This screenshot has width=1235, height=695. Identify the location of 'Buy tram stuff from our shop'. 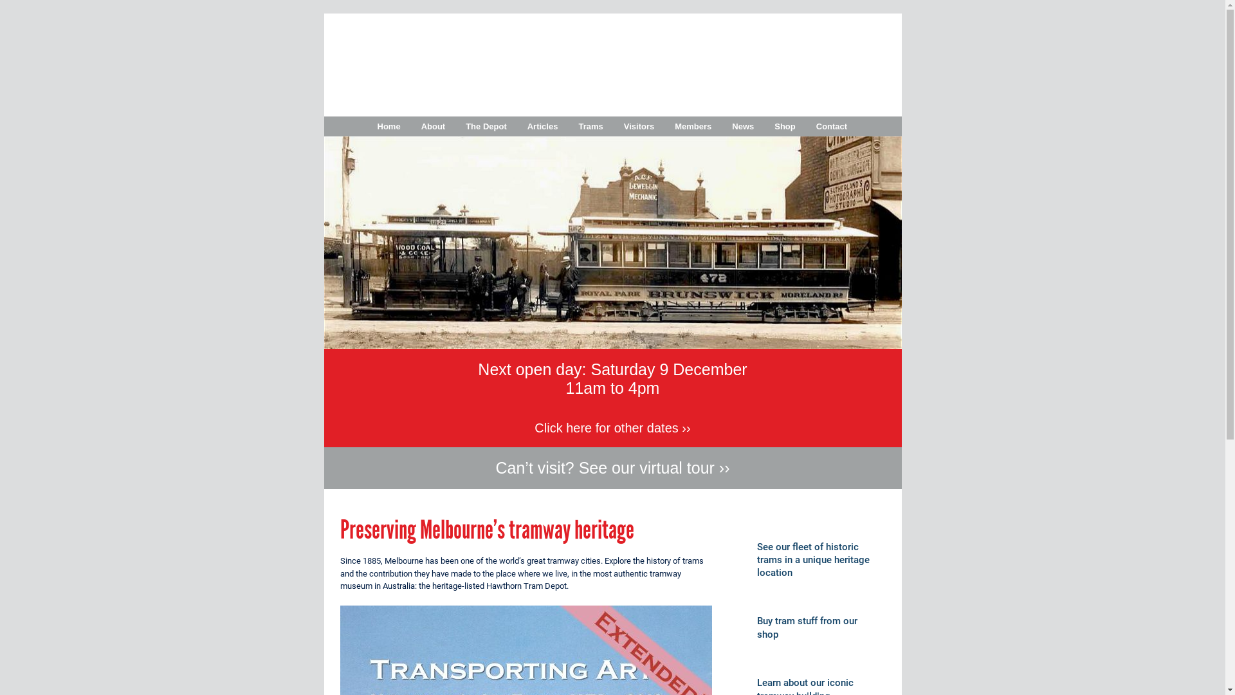
(806, 627).